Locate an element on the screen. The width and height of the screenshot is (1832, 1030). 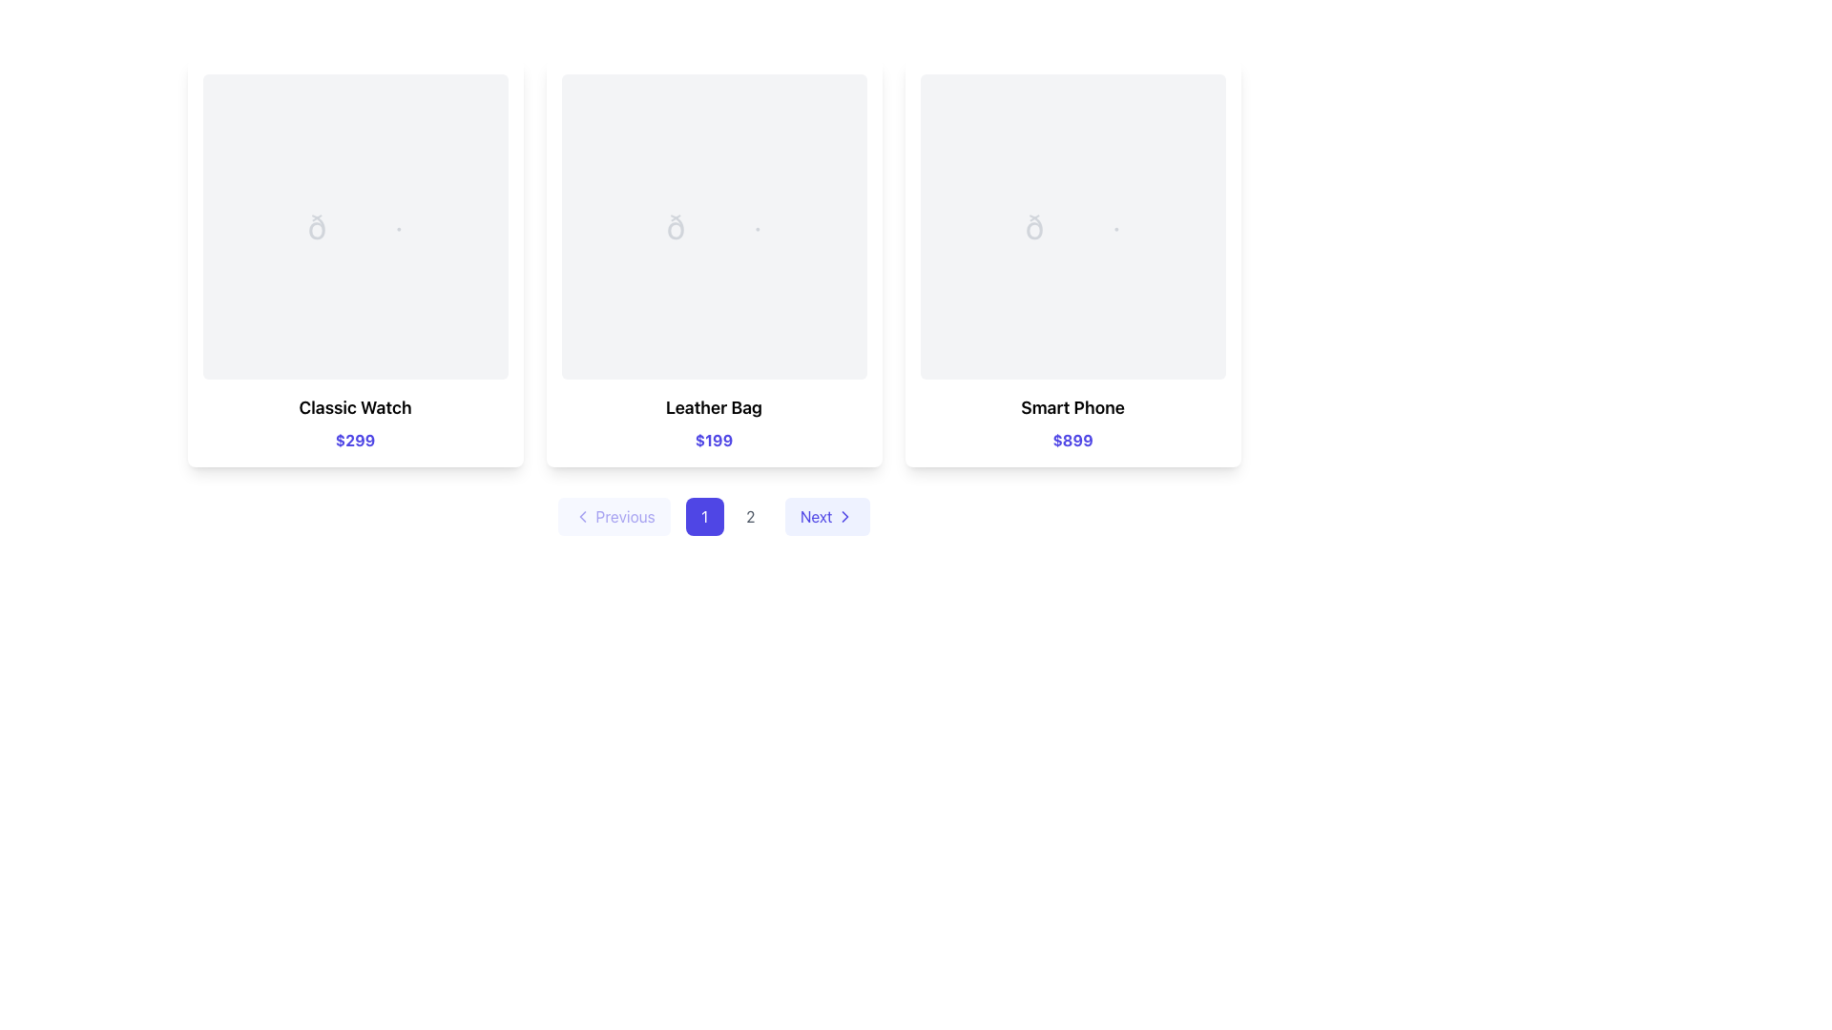
the text label displaying the price "$899" in bold blue-indigo color, located at the bottom of the product card for the "Smart Phone" is located at coordinates (1072, 441).